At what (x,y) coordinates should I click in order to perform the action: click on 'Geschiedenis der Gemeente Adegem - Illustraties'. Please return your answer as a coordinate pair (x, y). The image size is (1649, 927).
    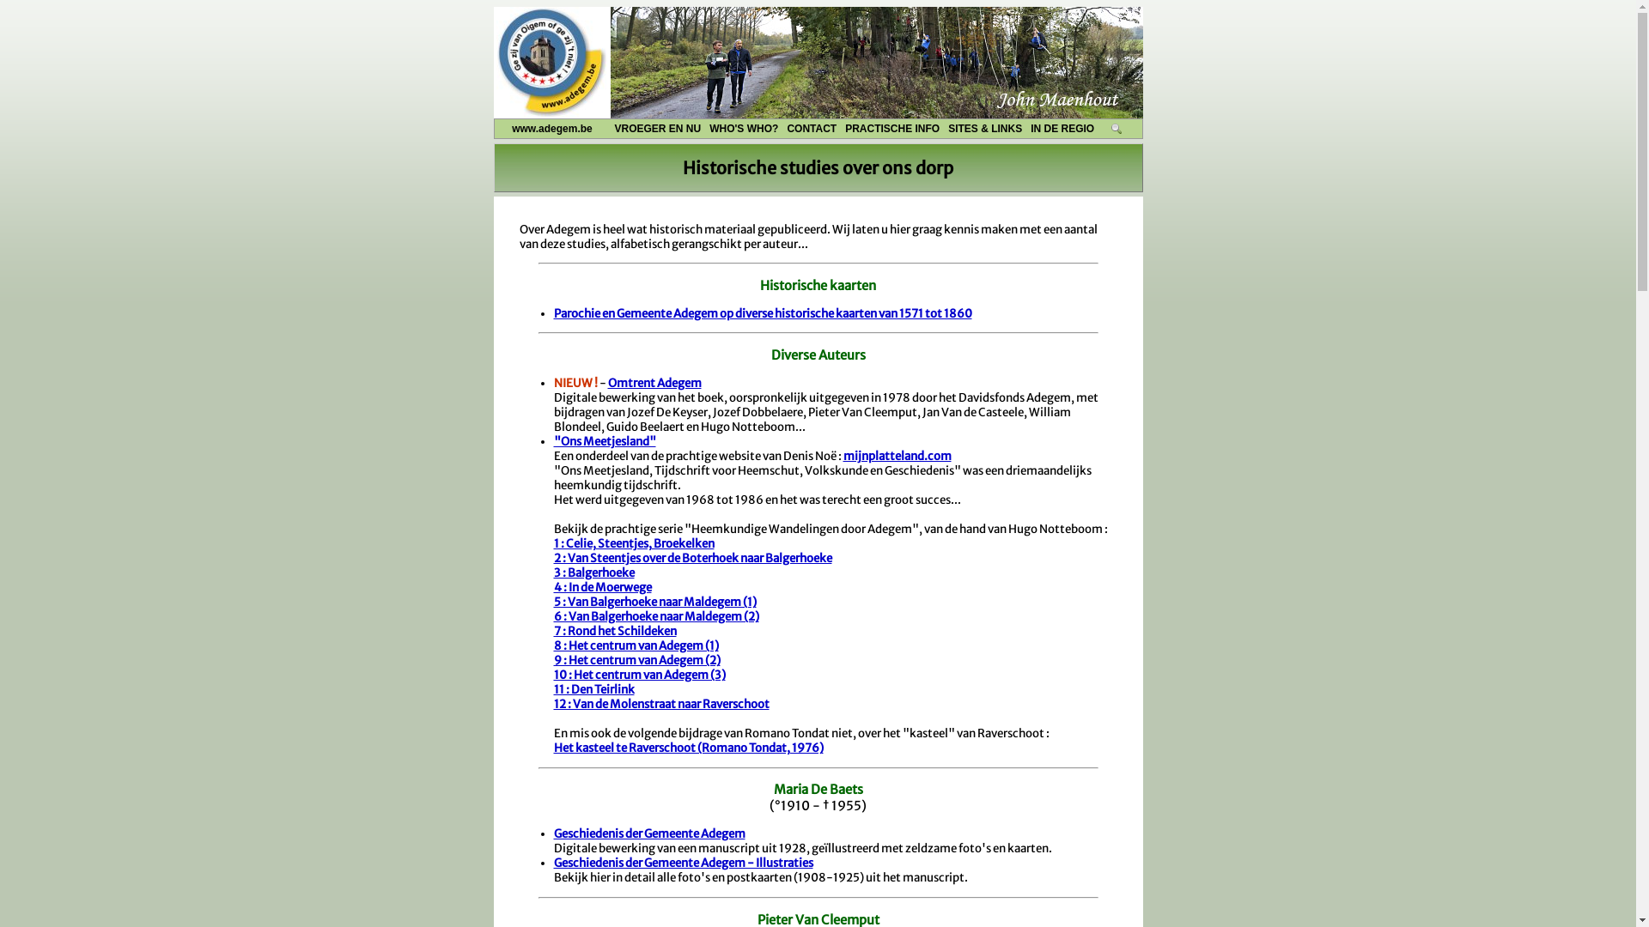
    Looking at the image, I should click on (682, 863).